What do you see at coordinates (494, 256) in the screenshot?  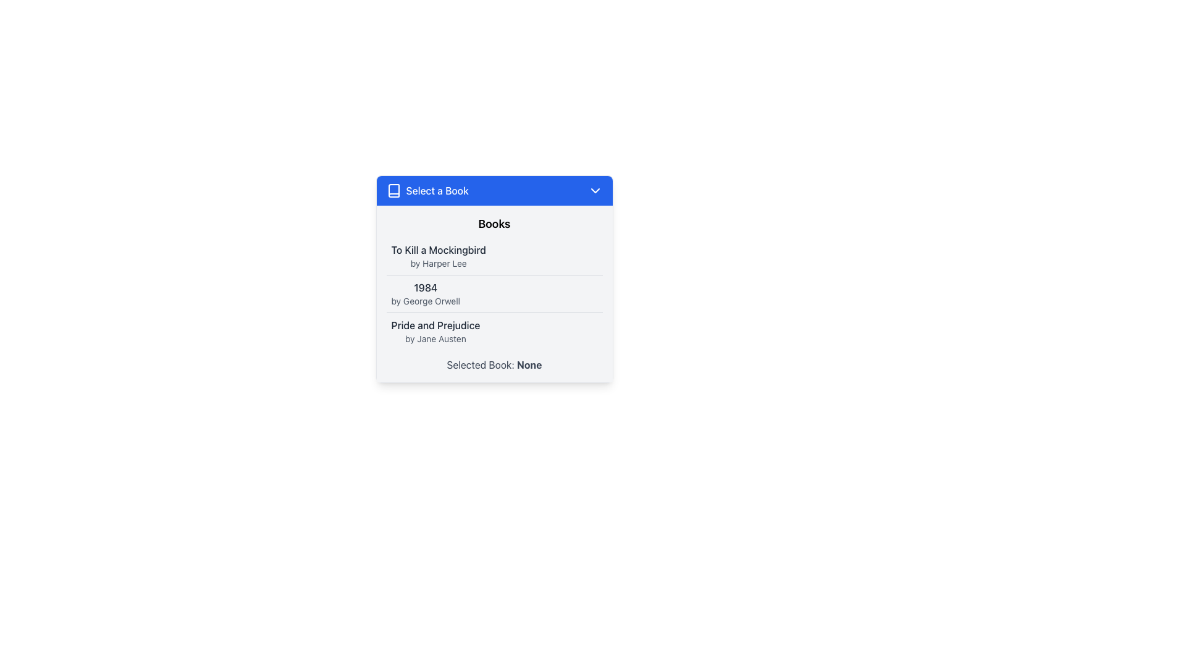 I see `the first selectable book item in the list, which represents 'To Kill a Mockingbird by Harper Lee'` at bounding box center [494, 256].